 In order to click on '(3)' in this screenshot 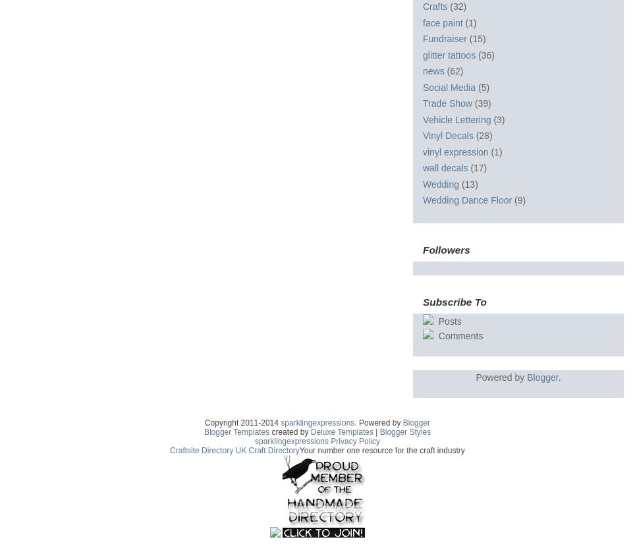, I will do `click(498, 119)`.